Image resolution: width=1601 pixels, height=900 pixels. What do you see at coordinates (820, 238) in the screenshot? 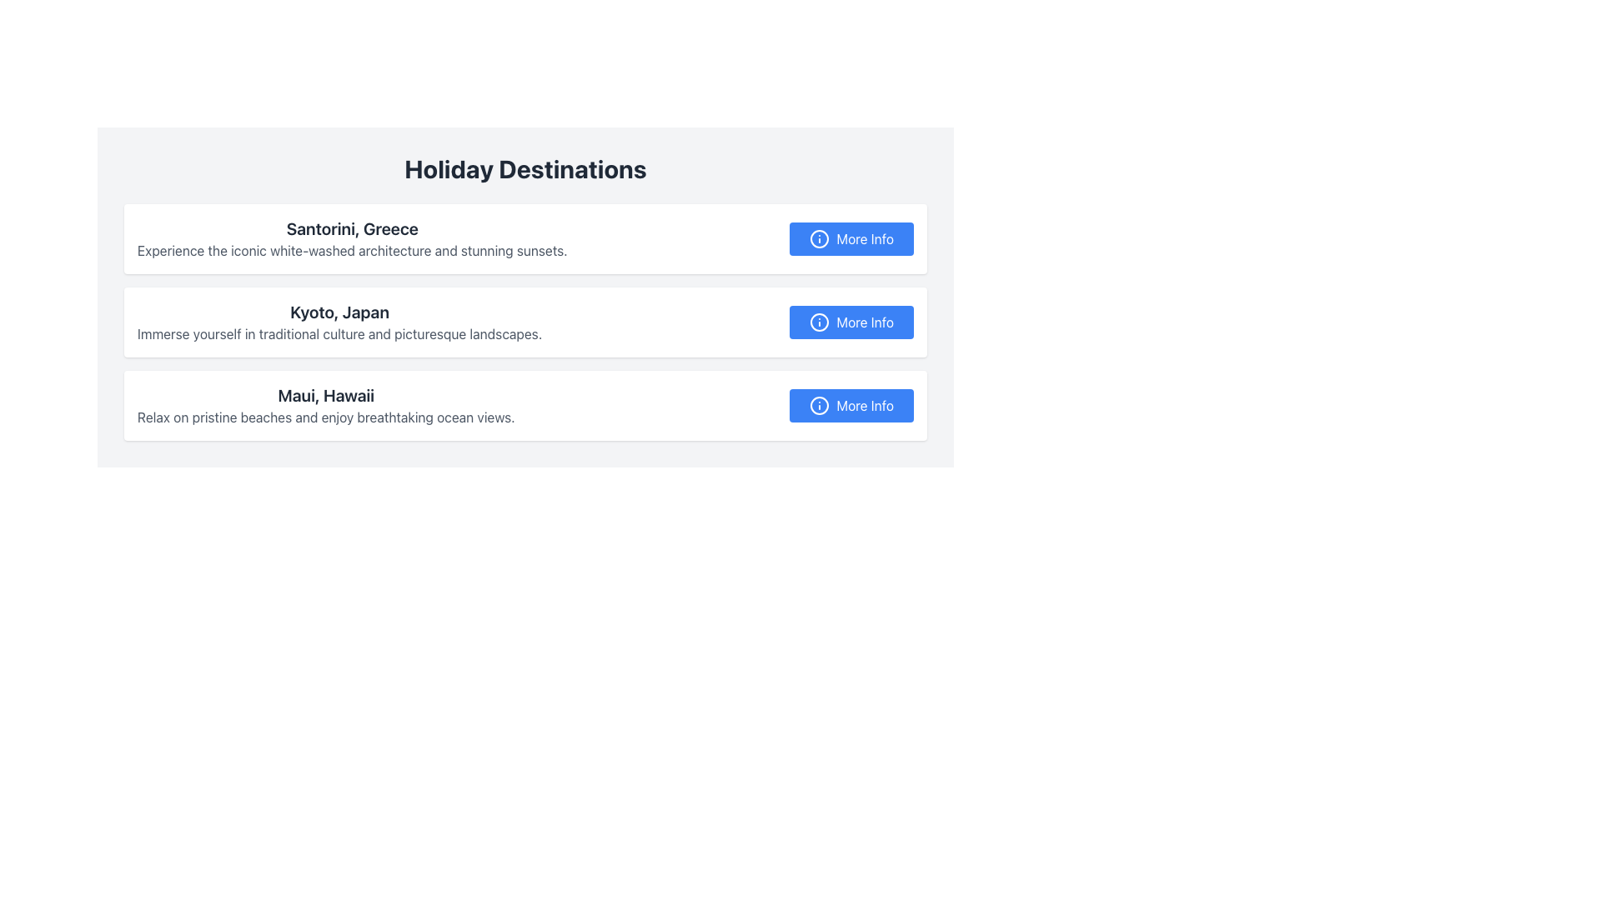
I see `the Decorative Circle located within the 'info' icon near the 'More Info' button for the Santorini, Greece entry` at bounding box center [820, 238].